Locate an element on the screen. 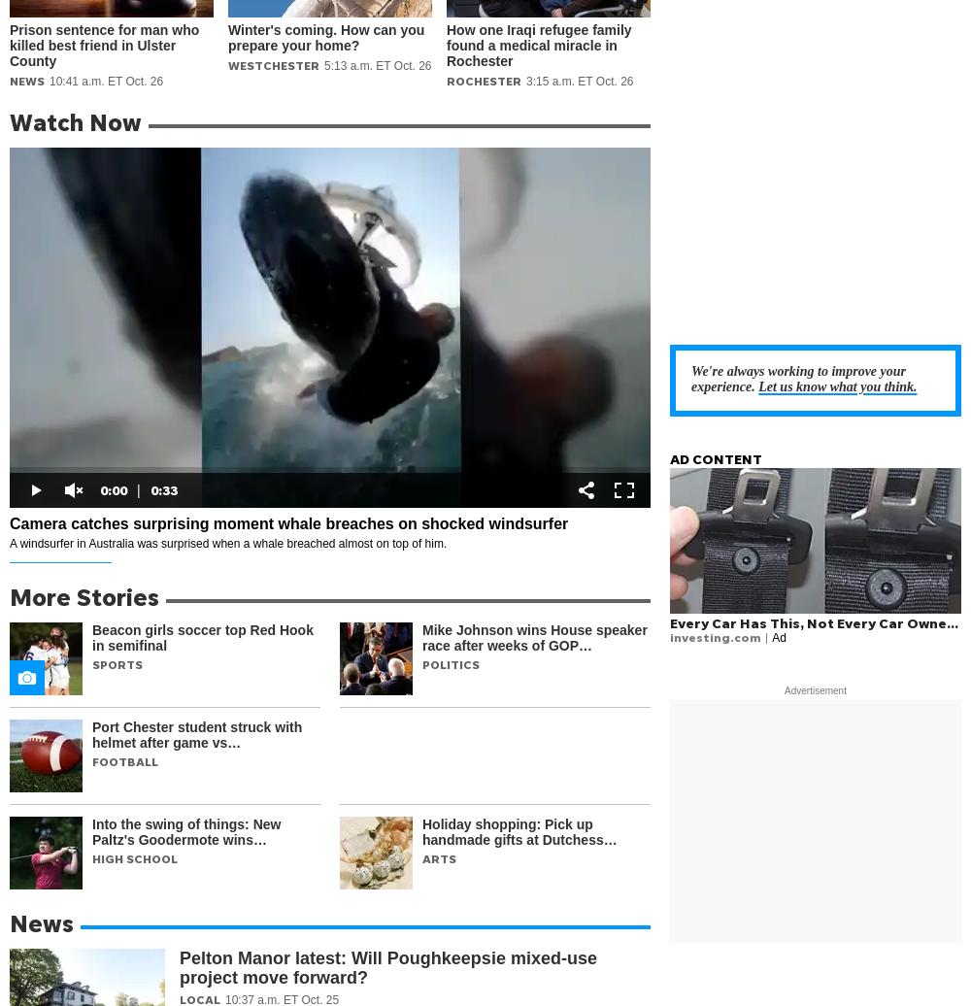  'Mike Johnson wins House speaker race after weeks of GOP…' is located at coordinates (534, 638).